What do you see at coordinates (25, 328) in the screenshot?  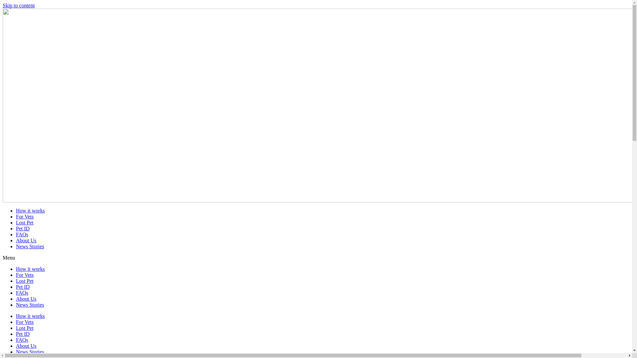 I see `'Lost Pet'` at bounding box center [25, 328].